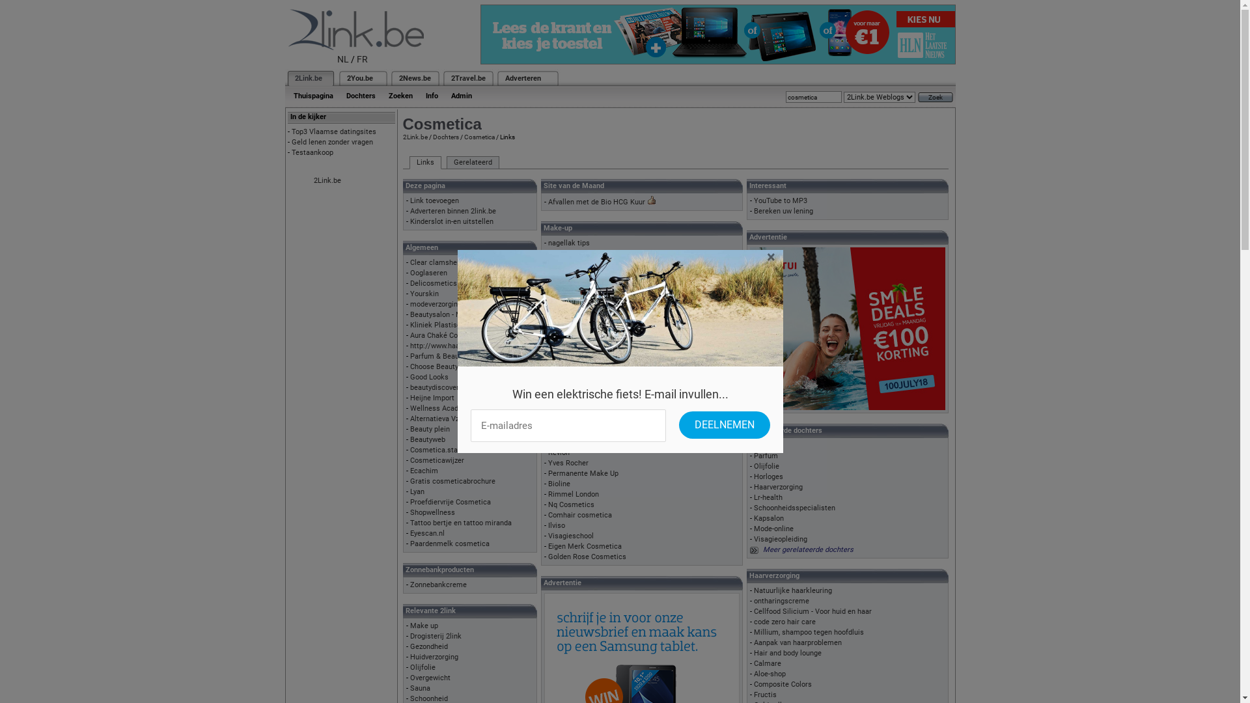 The image size is (1250, 703). What do you see at coordinates (807, 549) in the screenshot?
I see `'Meer gerelateerde dochters'` at bounding box center [807, 549].